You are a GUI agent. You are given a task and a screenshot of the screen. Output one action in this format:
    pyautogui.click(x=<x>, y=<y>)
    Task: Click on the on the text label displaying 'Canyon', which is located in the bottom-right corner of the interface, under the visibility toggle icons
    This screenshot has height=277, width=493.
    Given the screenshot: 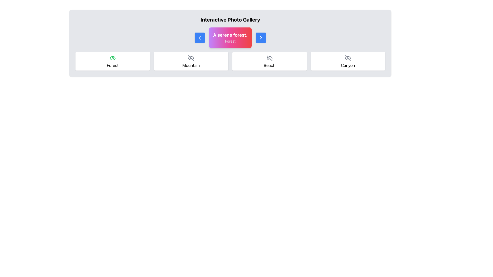 What is the action you would take?
    pyautogui.click(x=348, y=65)
    